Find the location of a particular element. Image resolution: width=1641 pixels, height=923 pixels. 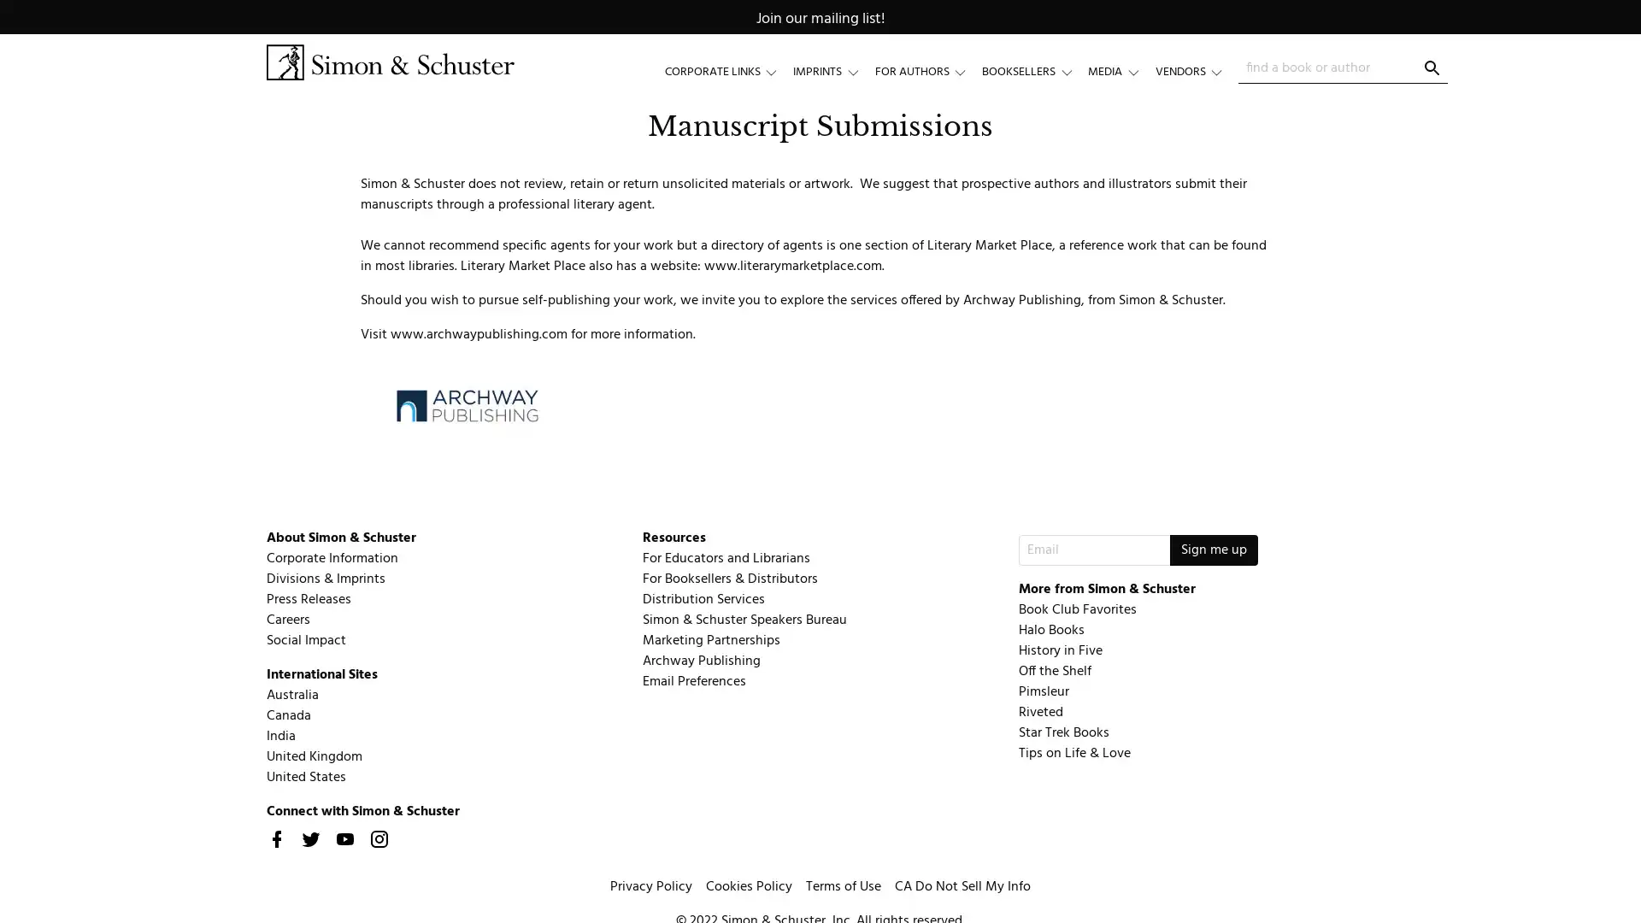

FOR AUTHORS is located at coordinates (926, 71).